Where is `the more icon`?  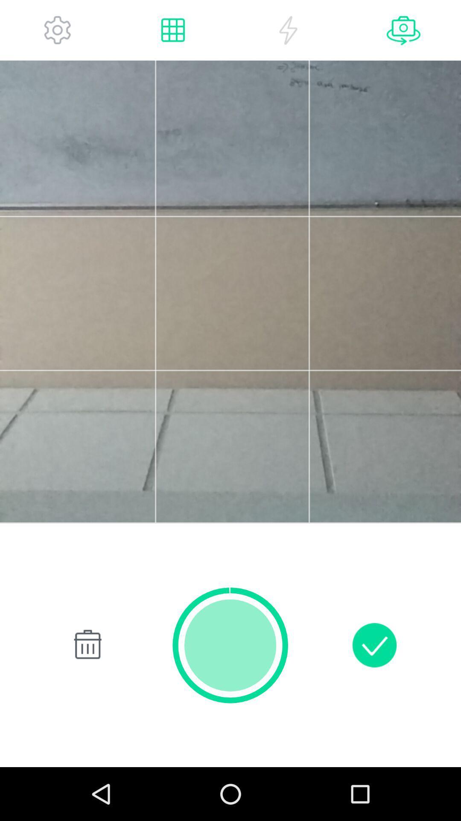 the more icon is located at coordinates (58, 32).